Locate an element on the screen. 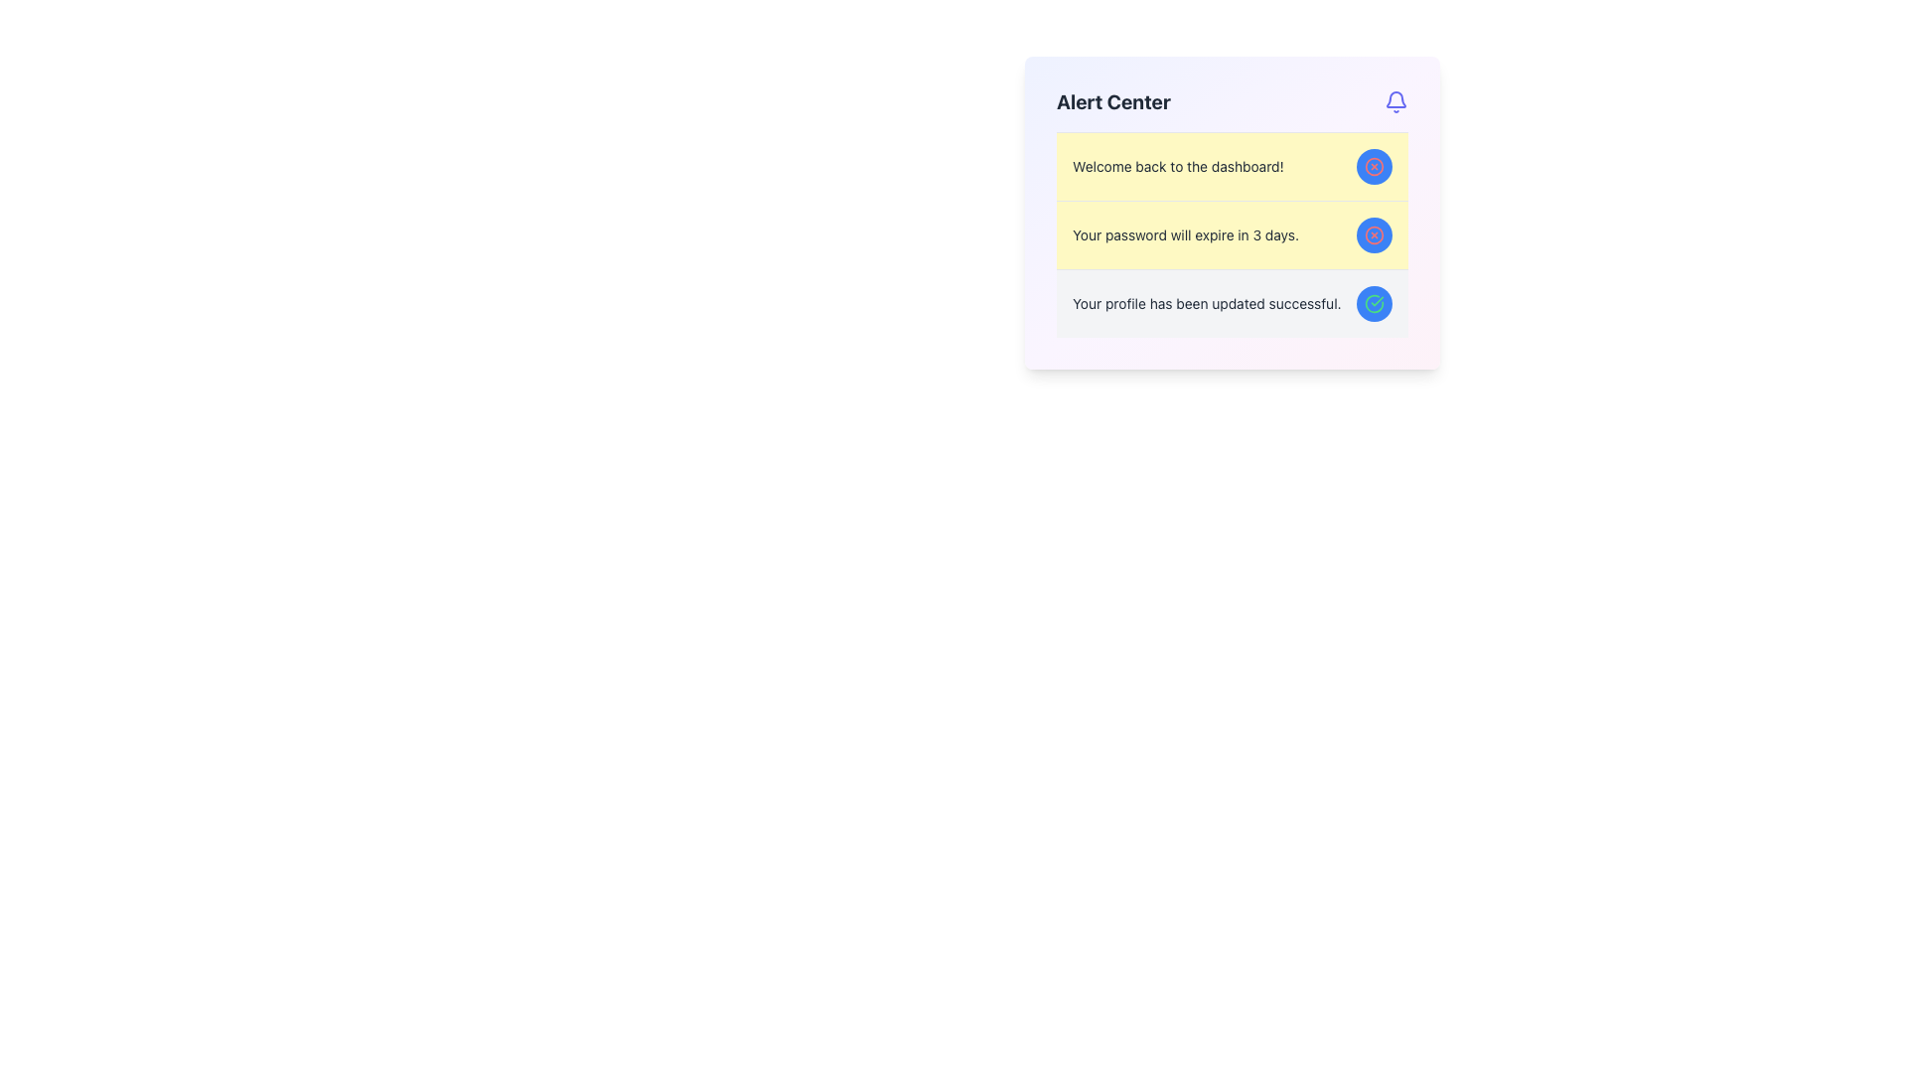 This screenshot has height=1073, width=1907. the circular blue button with a green checkmark icon to acknowledge or confirm the message that your profile has been updated successfully is located at coordinates (1373, 303).